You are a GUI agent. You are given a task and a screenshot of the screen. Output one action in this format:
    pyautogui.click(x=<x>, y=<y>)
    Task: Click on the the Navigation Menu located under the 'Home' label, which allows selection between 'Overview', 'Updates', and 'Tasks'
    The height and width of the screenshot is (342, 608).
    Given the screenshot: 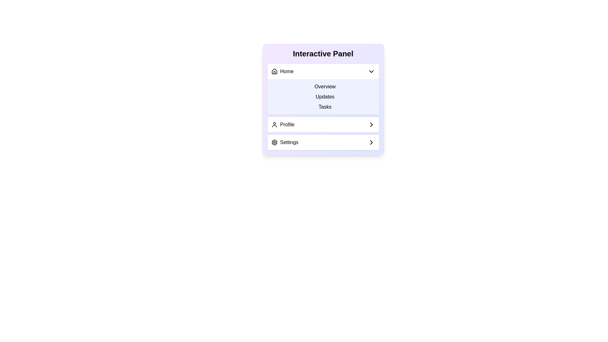 What is the action you would take?
    pyautogui.click(x=323, y=97)
    